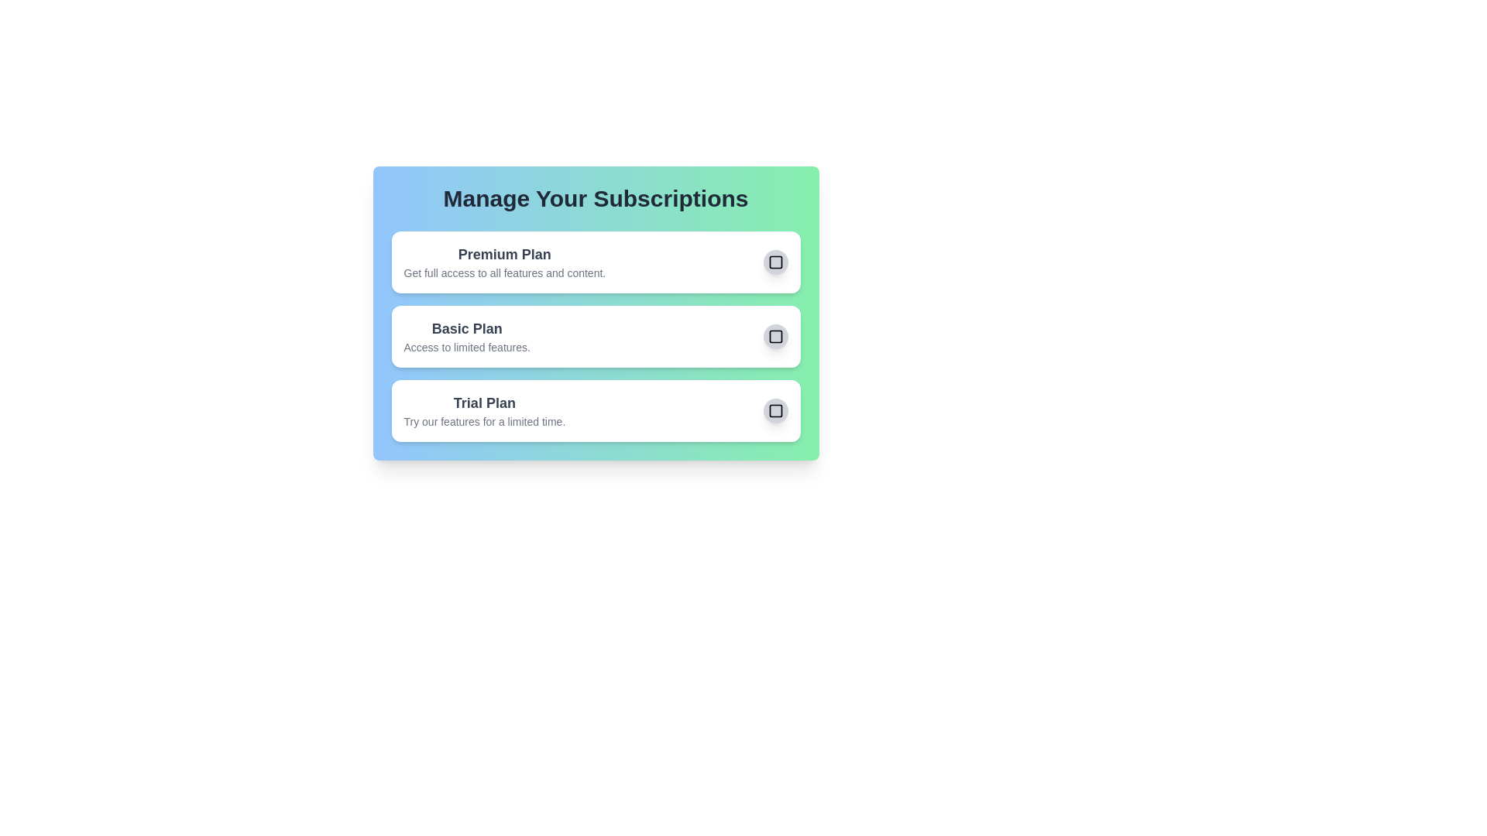  Describe the element at coordinates (483, 410) in the screenshot. I see `the 'Trial Plan' text block which contains the heading 'Trial Plan' in bold and the subtext 'Try our features for a limited time'` at that location.